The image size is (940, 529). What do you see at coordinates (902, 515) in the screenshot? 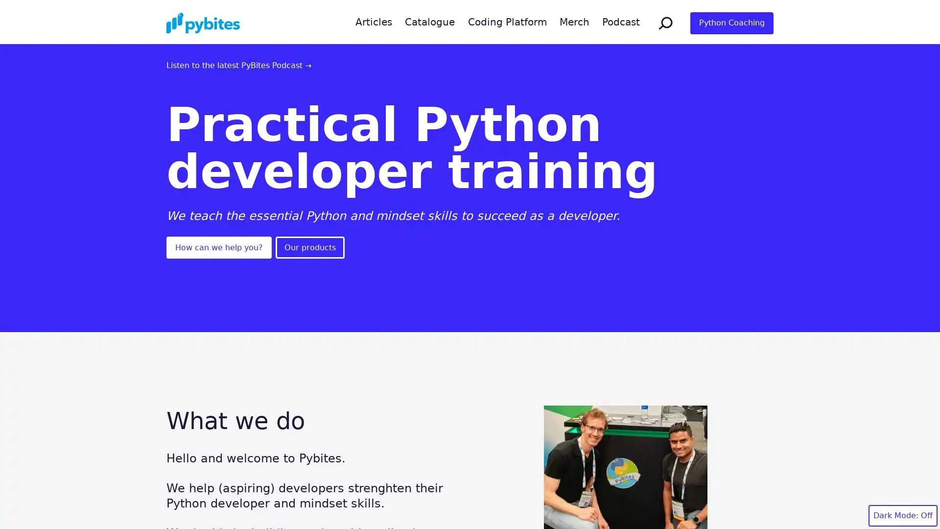
I see `Dark Mode:` at bounding box center [902, 515].